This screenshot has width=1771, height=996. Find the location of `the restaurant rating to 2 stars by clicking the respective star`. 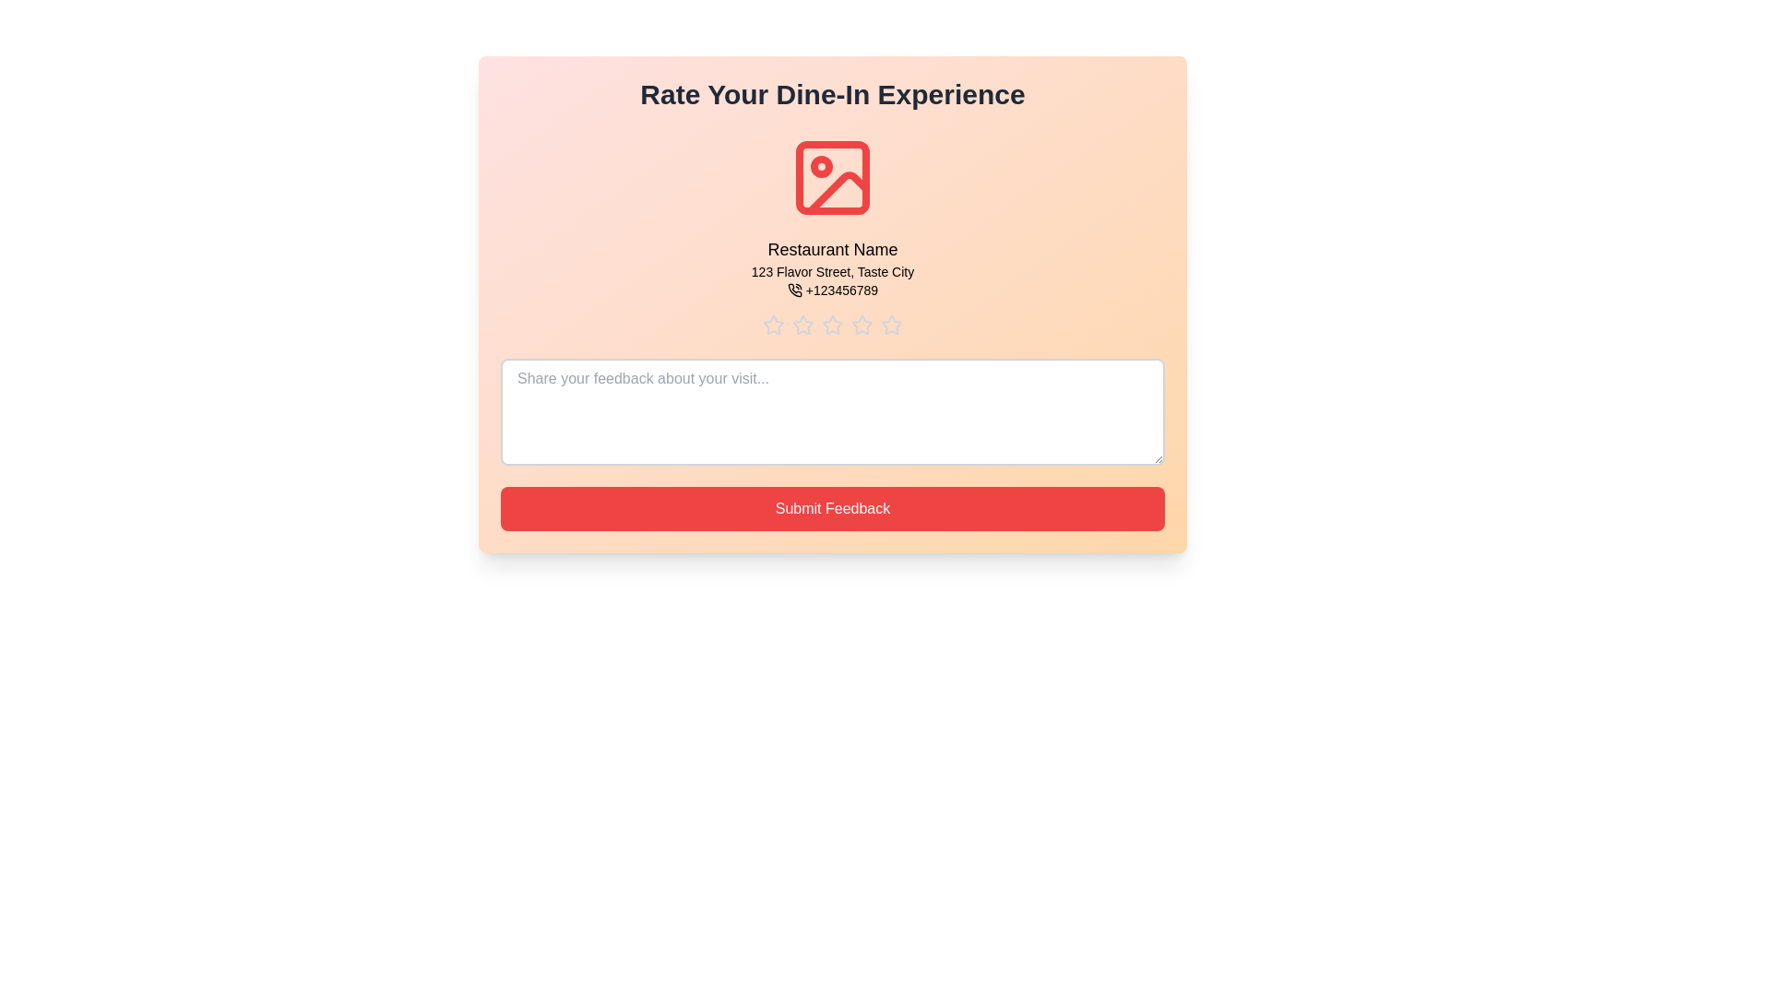

the restaurant rating to 2 stars by clicking the respective star is located at coordinates (802, 325).